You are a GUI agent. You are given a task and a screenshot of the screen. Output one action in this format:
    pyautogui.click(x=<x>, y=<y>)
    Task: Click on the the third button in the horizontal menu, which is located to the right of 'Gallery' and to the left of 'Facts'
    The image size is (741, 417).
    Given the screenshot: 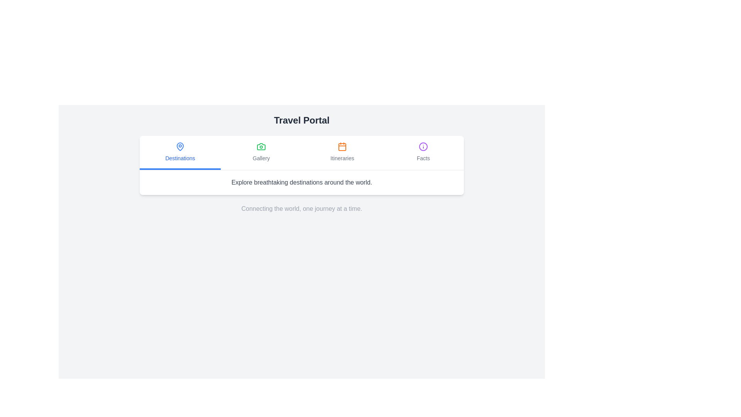 What is the action you would take?
    pyautogui.click(x=342, y=153)
    